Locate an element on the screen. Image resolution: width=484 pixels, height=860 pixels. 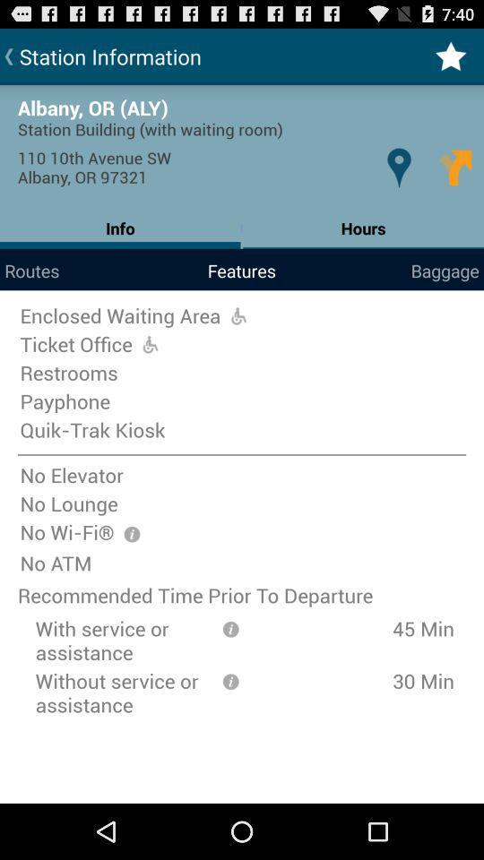
get more information about the selection no-wifi is located at coordinates (131, 534).